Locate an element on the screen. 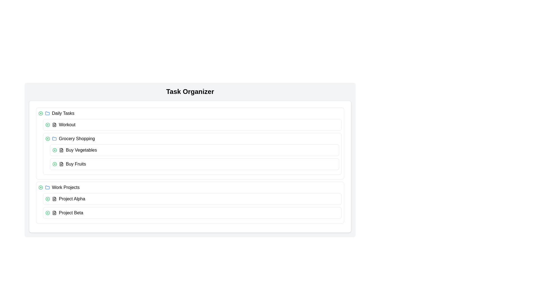 This screenshot has height=301, width=536. the folder icon located in the sidebar under the 'Daily Tasks' section to indicate its expandable or collapsible functionality is located at coordinates (54, 138).